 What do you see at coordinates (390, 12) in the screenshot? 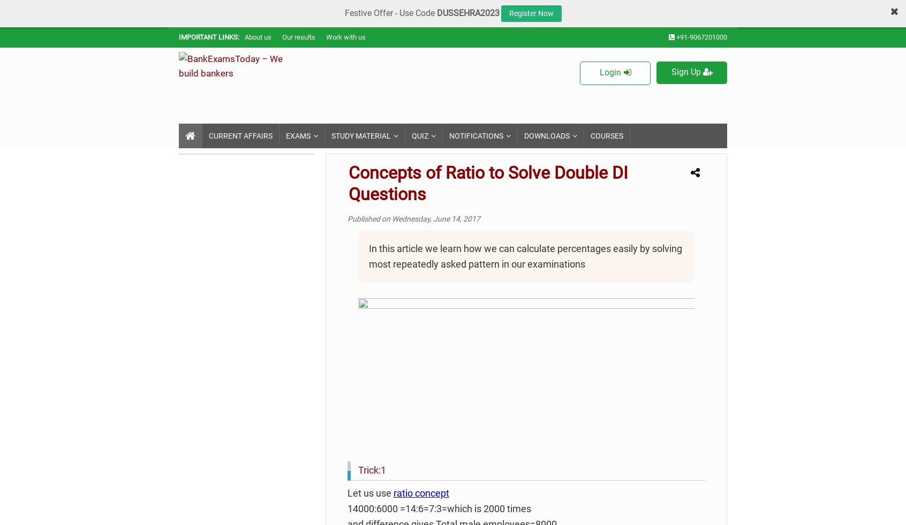
I see `'Festive Offer - Use Code'` at bounding box center [390, 12].